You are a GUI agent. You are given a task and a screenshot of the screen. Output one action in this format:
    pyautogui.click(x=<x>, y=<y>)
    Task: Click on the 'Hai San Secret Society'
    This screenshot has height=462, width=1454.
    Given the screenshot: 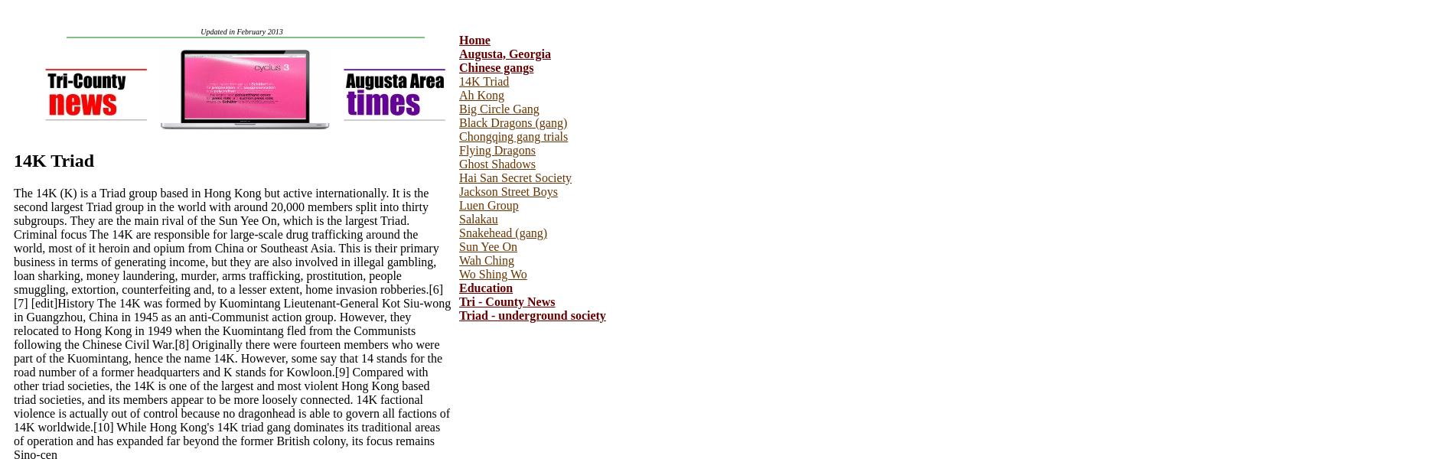 What is the action you would take?
    pyautogui.click(x=515, y=177)
    